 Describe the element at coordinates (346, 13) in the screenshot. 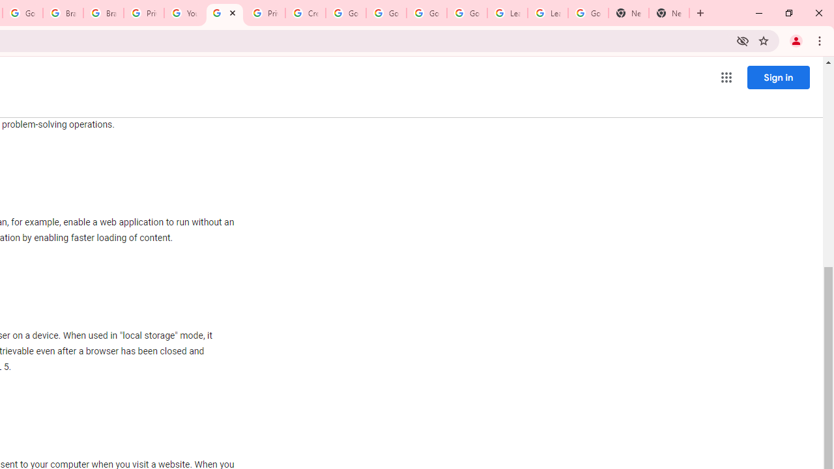

I see `'Google Account Help'` at that location.